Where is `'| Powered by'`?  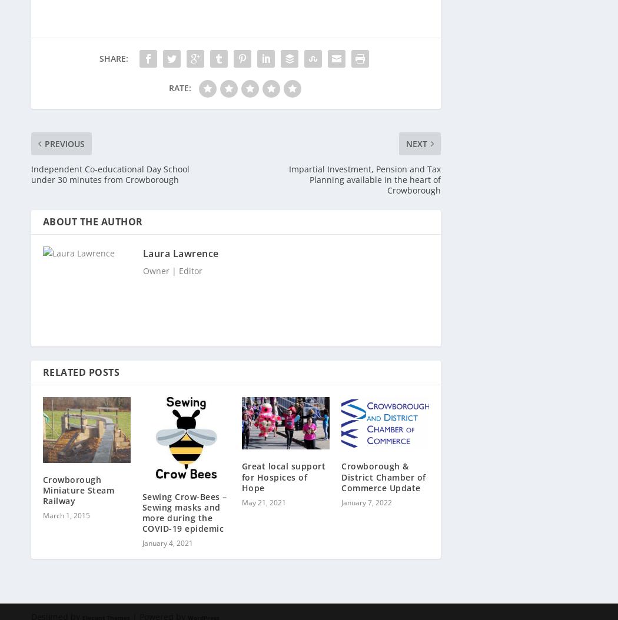 '| Powered by' is located at coordinates (158, 610).